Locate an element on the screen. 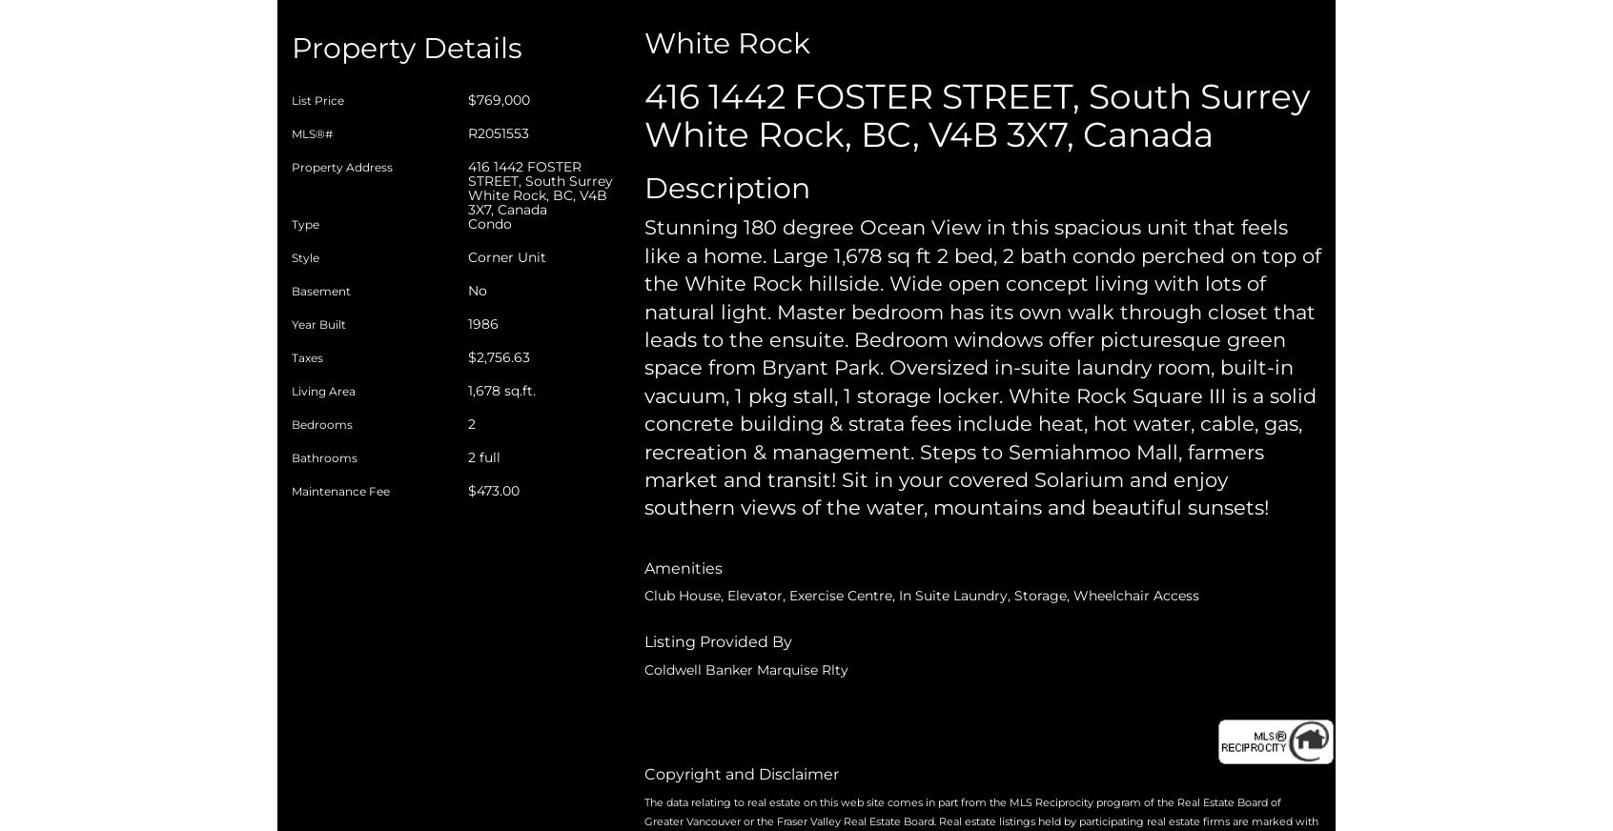 This screenshot has height=831, width=1613. 'Description' is located at coordinates (725, 188).